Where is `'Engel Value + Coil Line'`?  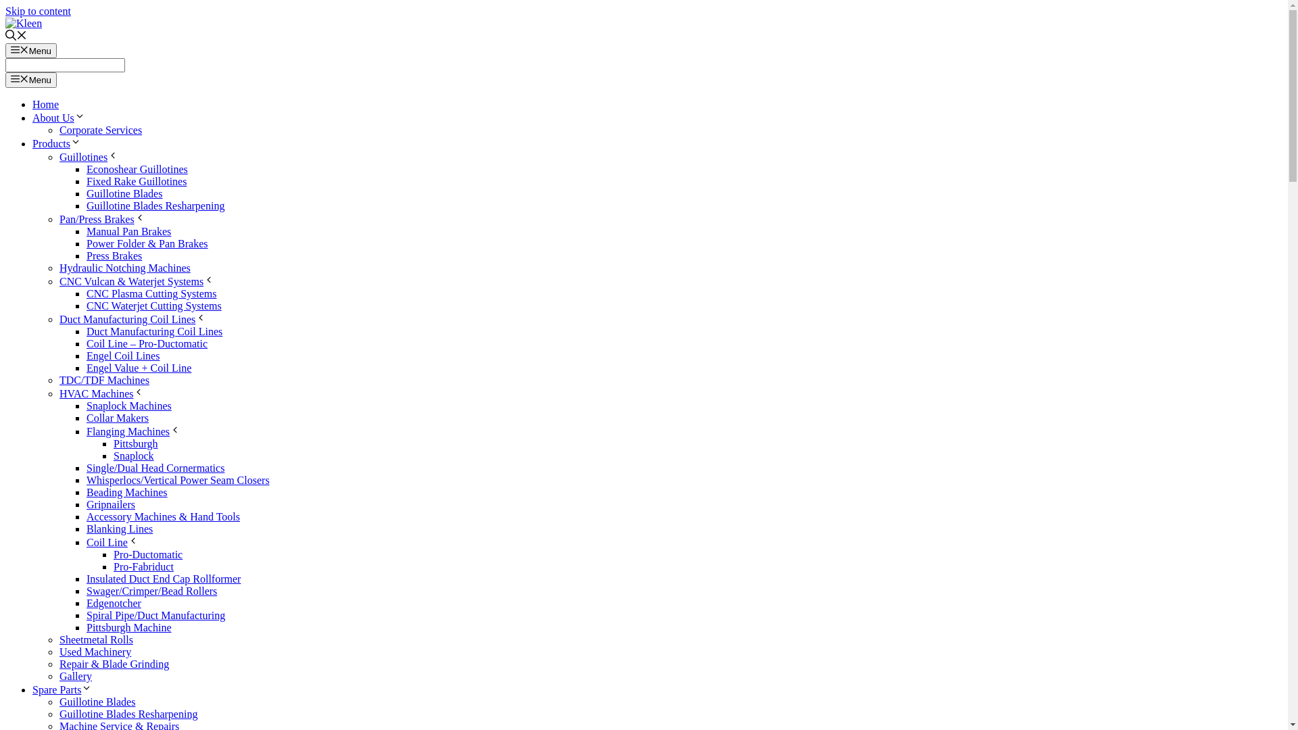
'Engel Value + Coil Line' is located at coordinates (139, 368).